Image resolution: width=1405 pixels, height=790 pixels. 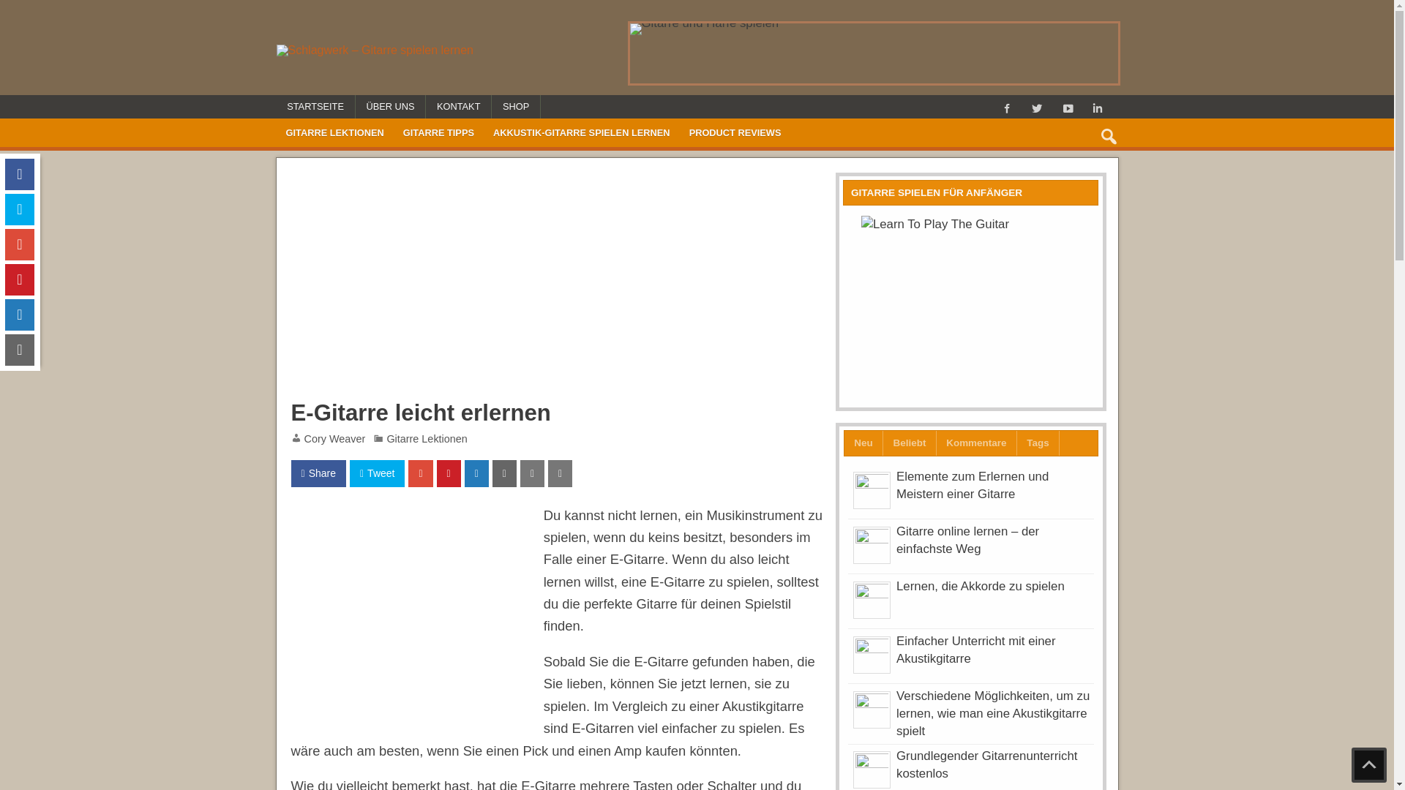 What do you see at coordinates (895, 485) in the screenshot?
I see `'Elemente zum Erlernen und Meistern einer Gitarre'` at bounding box center [895, 485].